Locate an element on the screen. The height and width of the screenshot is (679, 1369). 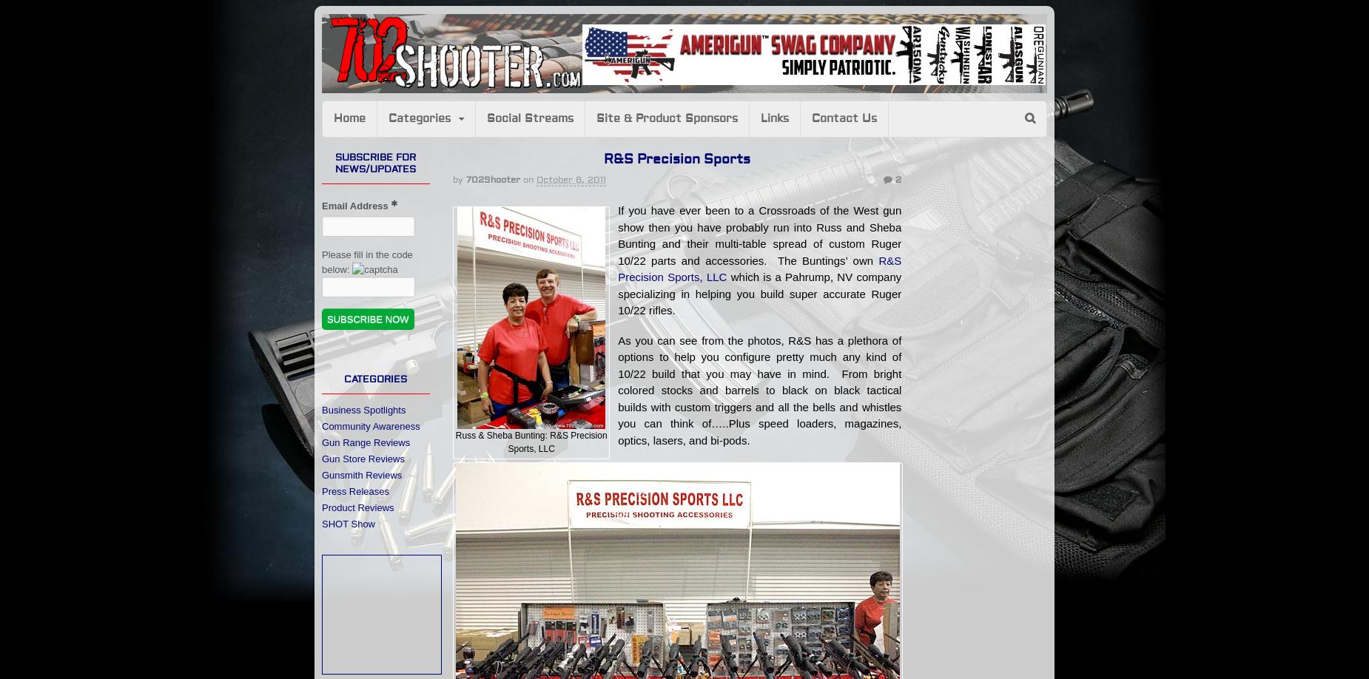
'Press Releases' is located at coordinates (355, 490).